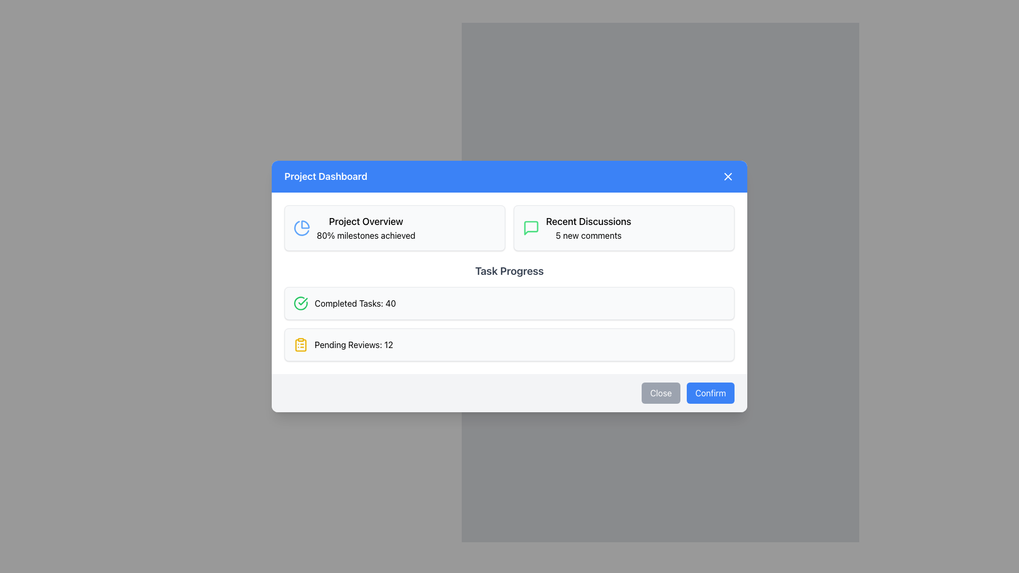 This screenshot has height=573, width=1019. Describe the element at coordinates (366, 227) in the screenshot. I see `text content displayed in the upper-left card of the 'Project Dashboard' section, which shows 'Project Overview' and '80% milestones achieved'` at that location.